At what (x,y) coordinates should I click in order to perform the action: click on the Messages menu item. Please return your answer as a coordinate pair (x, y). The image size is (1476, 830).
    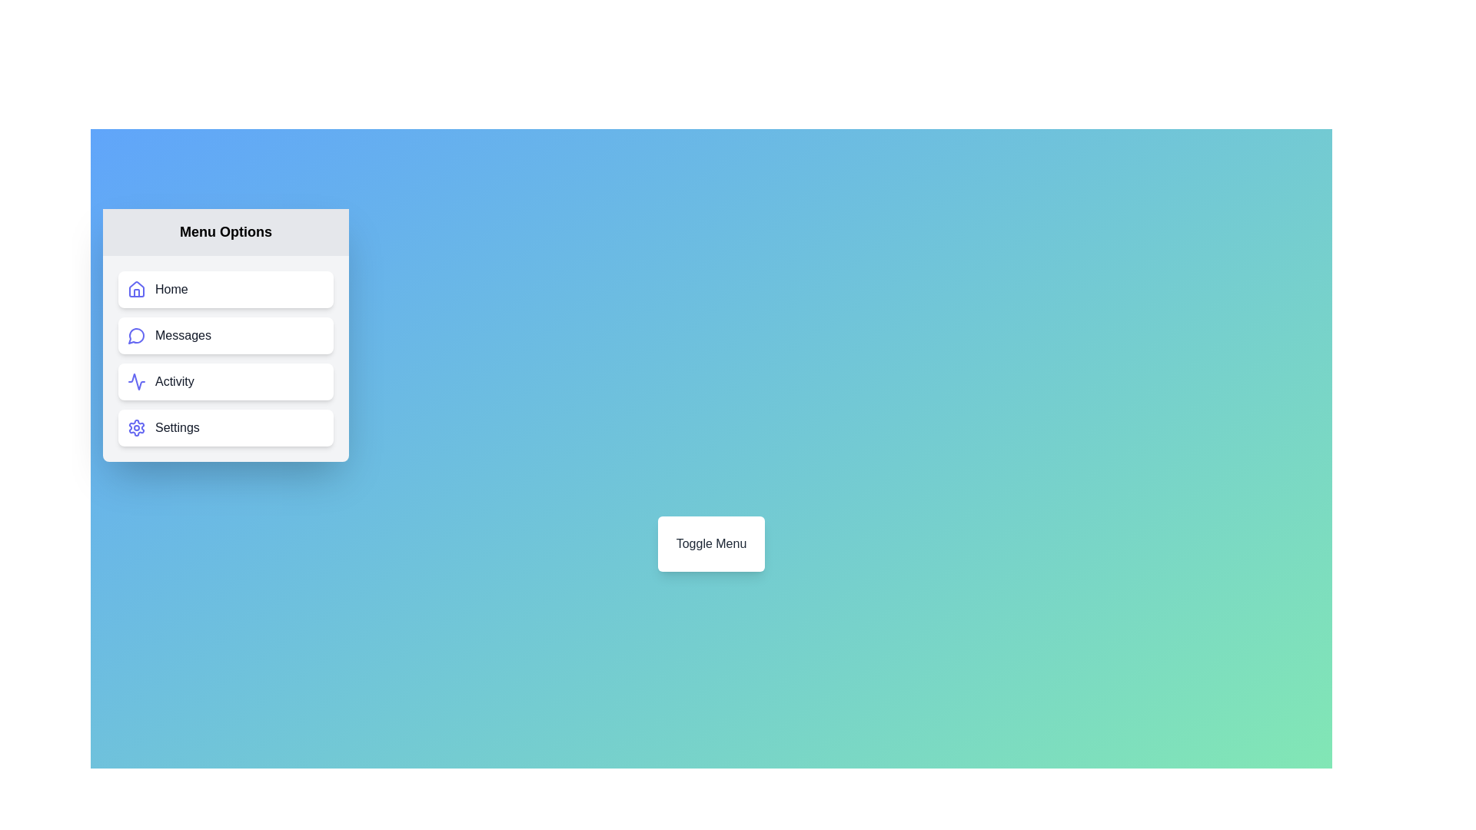
    Looking at the image, I should click on (224, 334).